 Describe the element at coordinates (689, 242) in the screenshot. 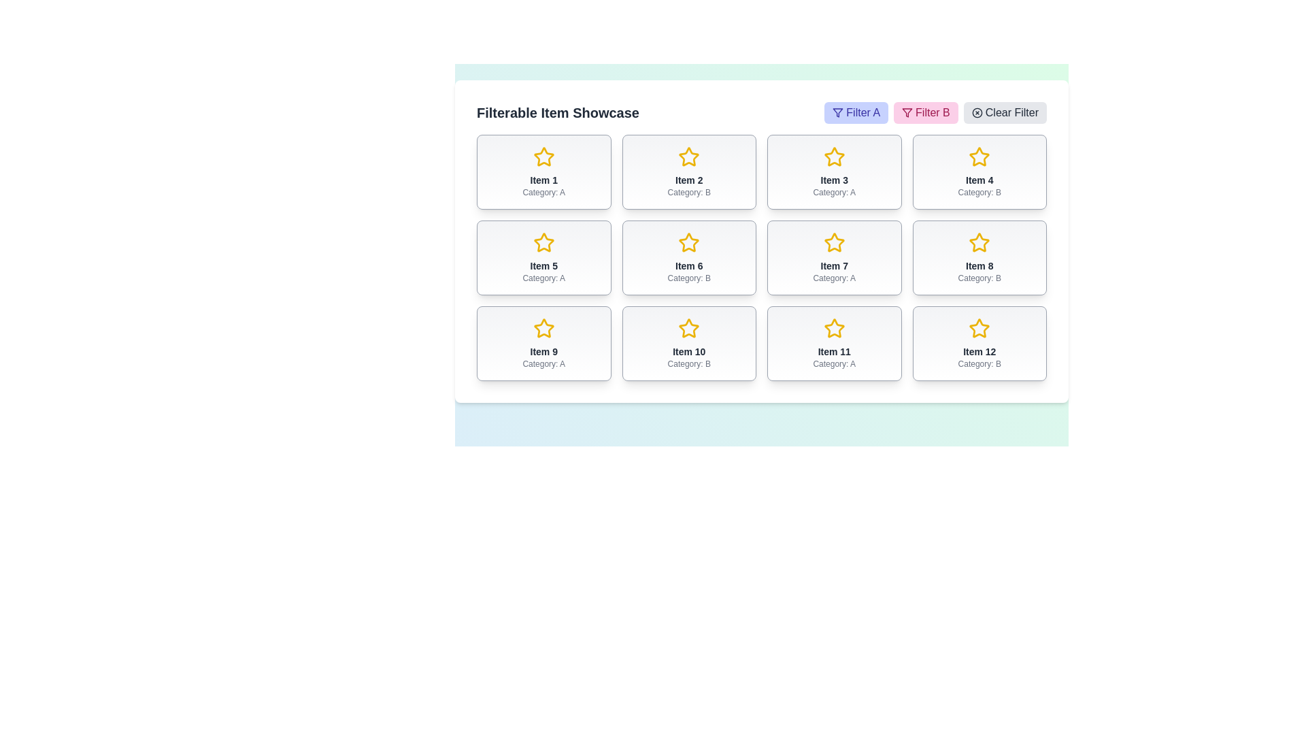

I see `the star icon used for rating or marking preference located in 'Item 6' card, positioned in the second row and second column of the grid layout` at that location.